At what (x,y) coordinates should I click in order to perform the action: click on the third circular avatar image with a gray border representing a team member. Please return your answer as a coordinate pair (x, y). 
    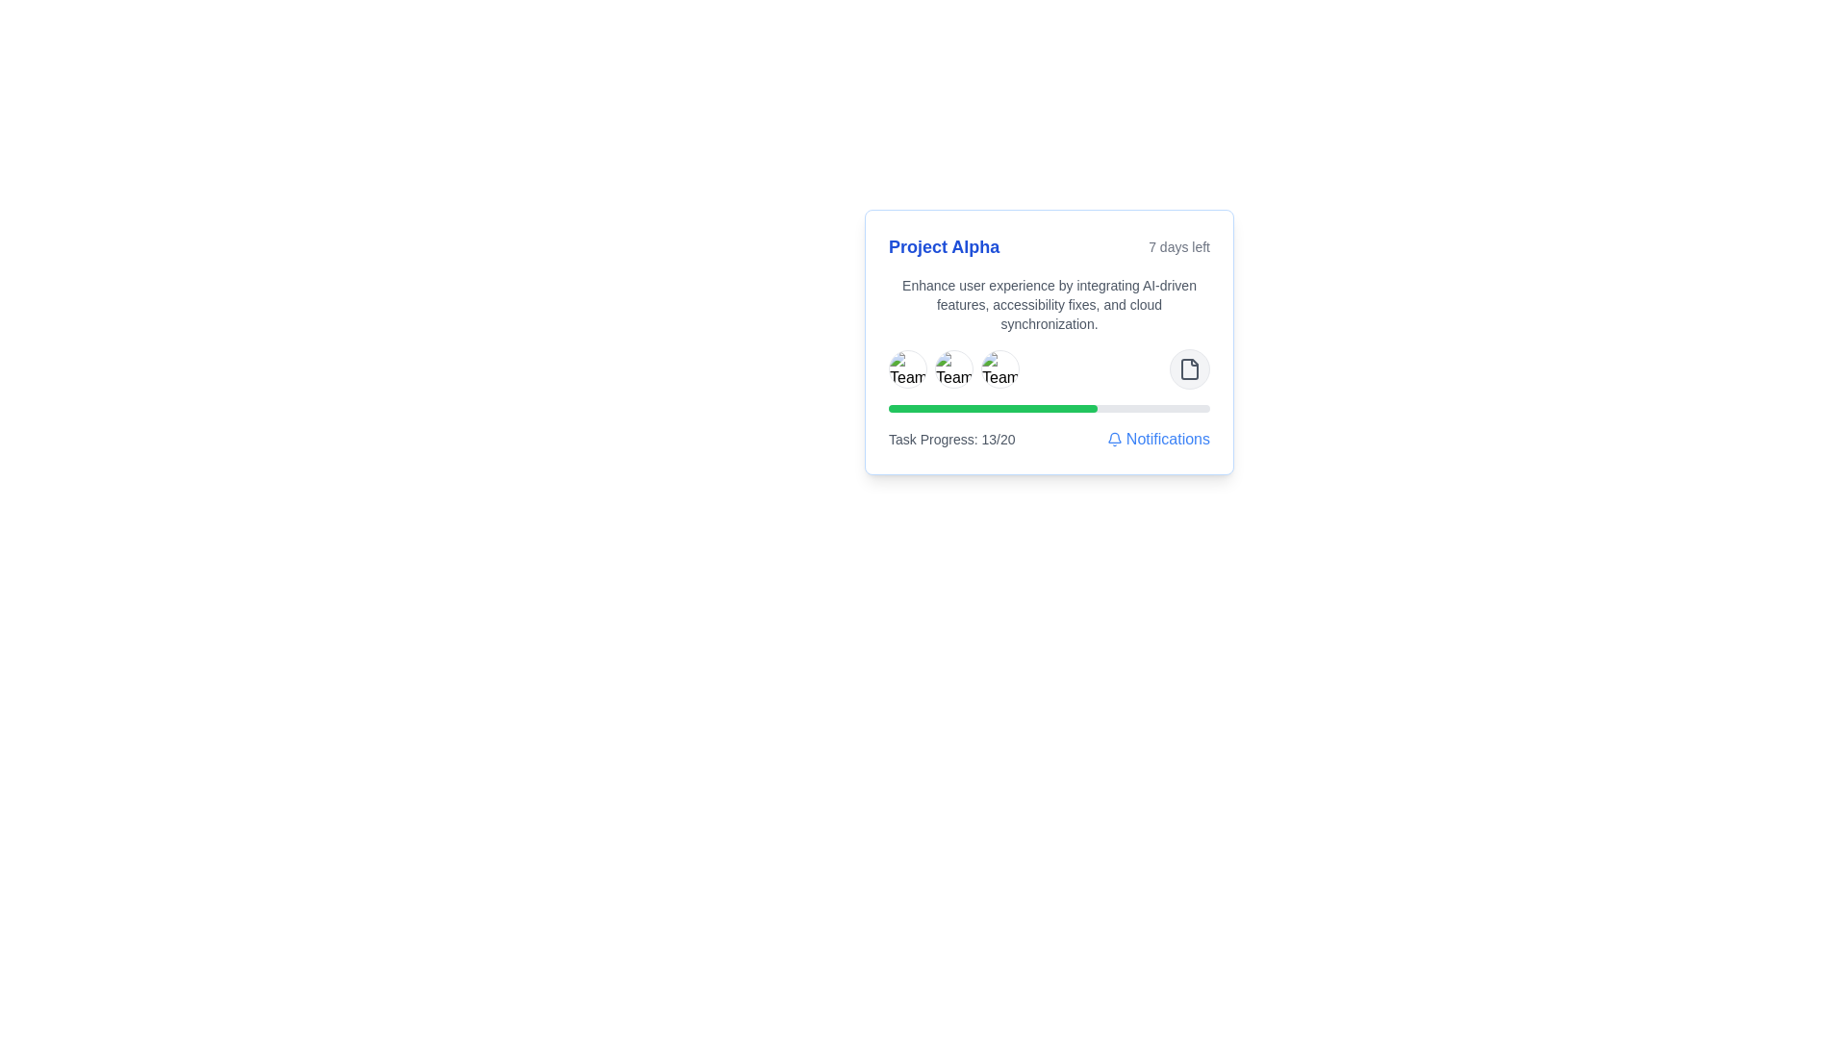
    Looking at the image, I should click on (1000, 369).